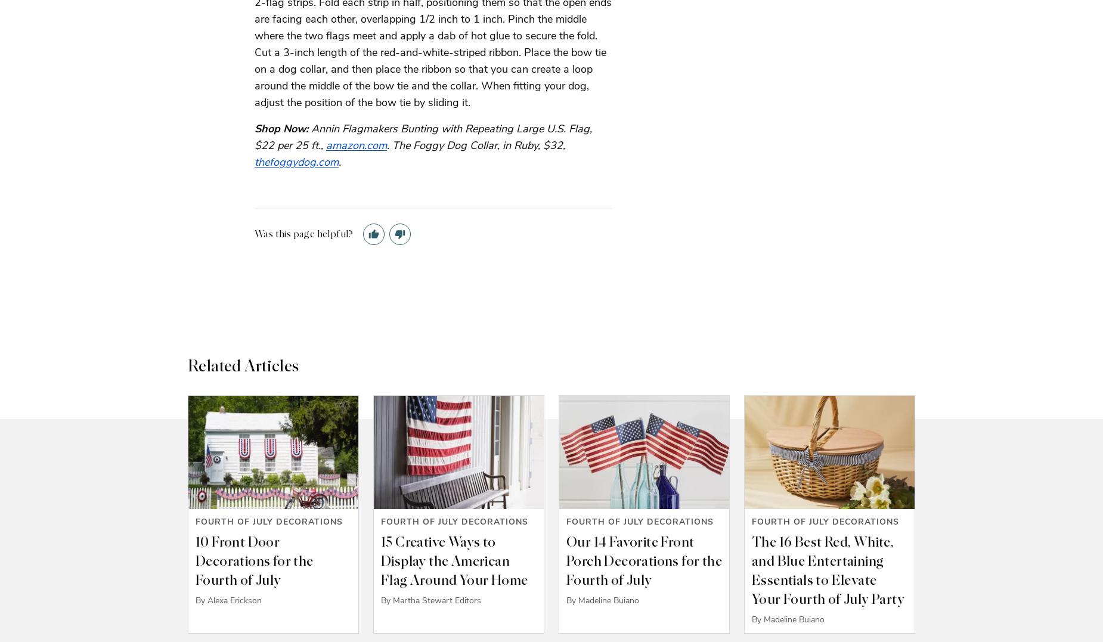 This screenshot has width=1103, height=642. I want to click on 'Related Articles', so click(242, 365).